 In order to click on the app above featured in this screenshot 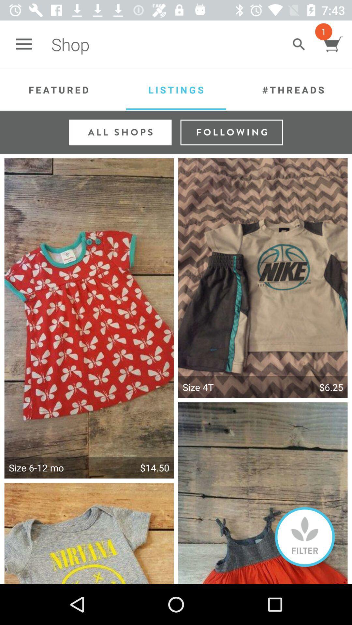, I will do `click(23, 44)`.